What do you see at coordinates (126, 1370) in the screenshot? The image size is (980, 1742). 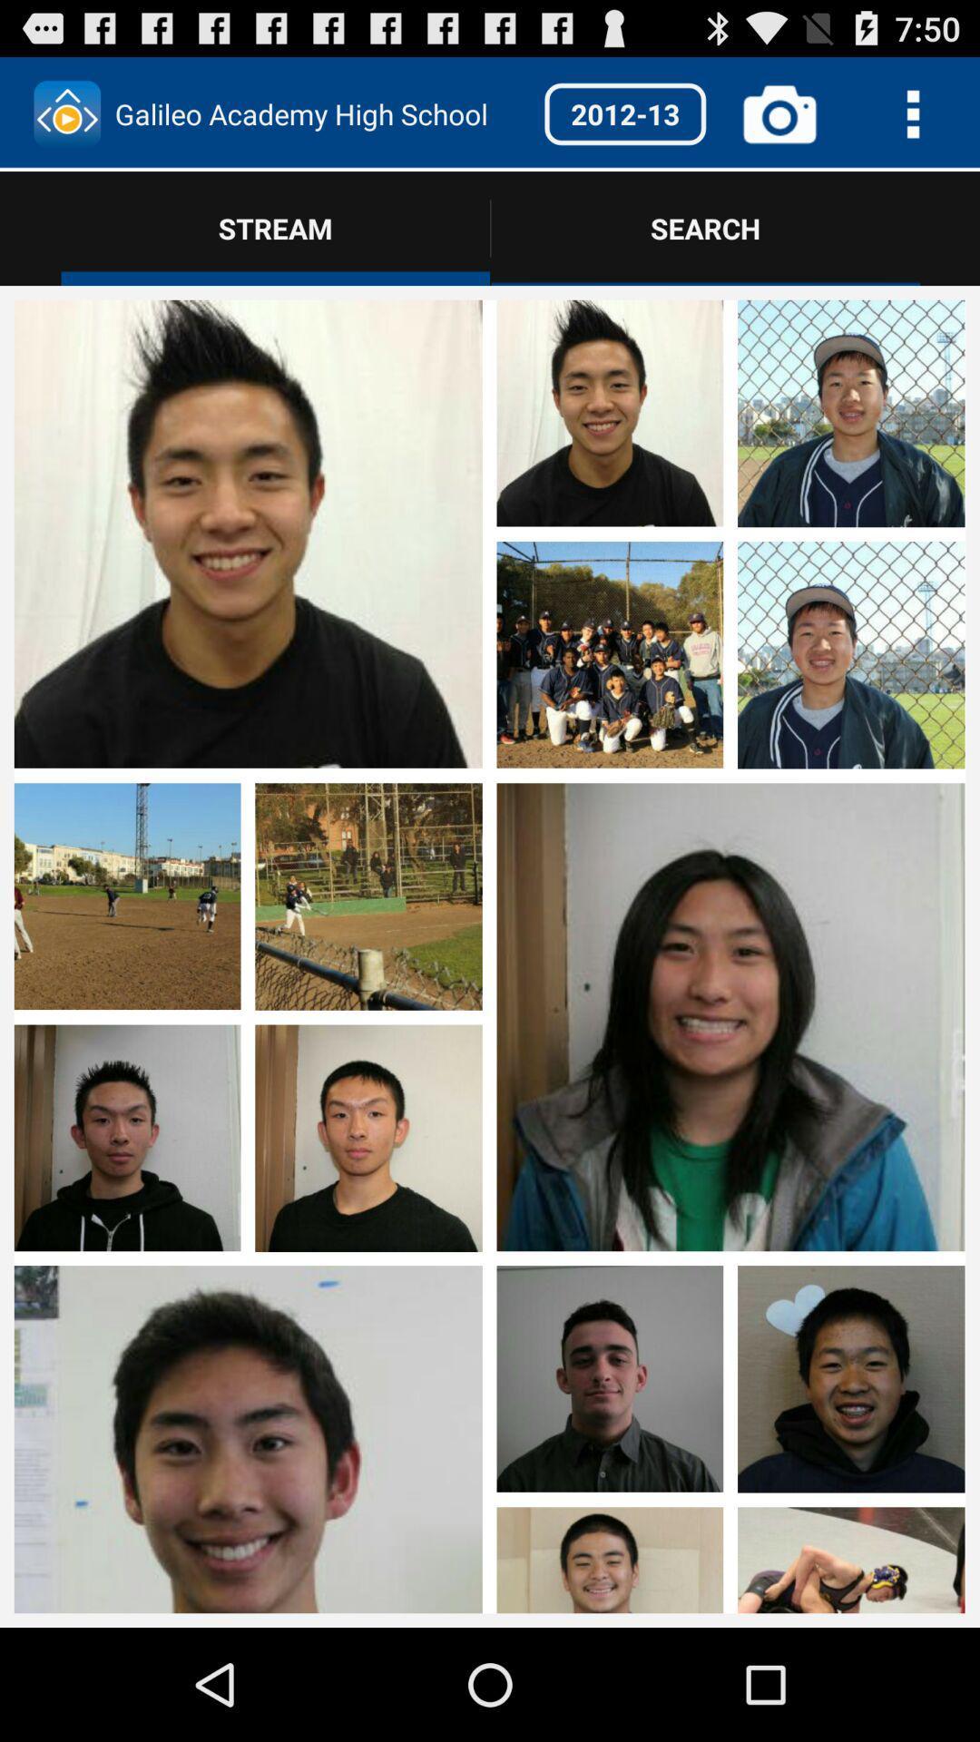 I see `the option` at bounding box center [126, 1370].